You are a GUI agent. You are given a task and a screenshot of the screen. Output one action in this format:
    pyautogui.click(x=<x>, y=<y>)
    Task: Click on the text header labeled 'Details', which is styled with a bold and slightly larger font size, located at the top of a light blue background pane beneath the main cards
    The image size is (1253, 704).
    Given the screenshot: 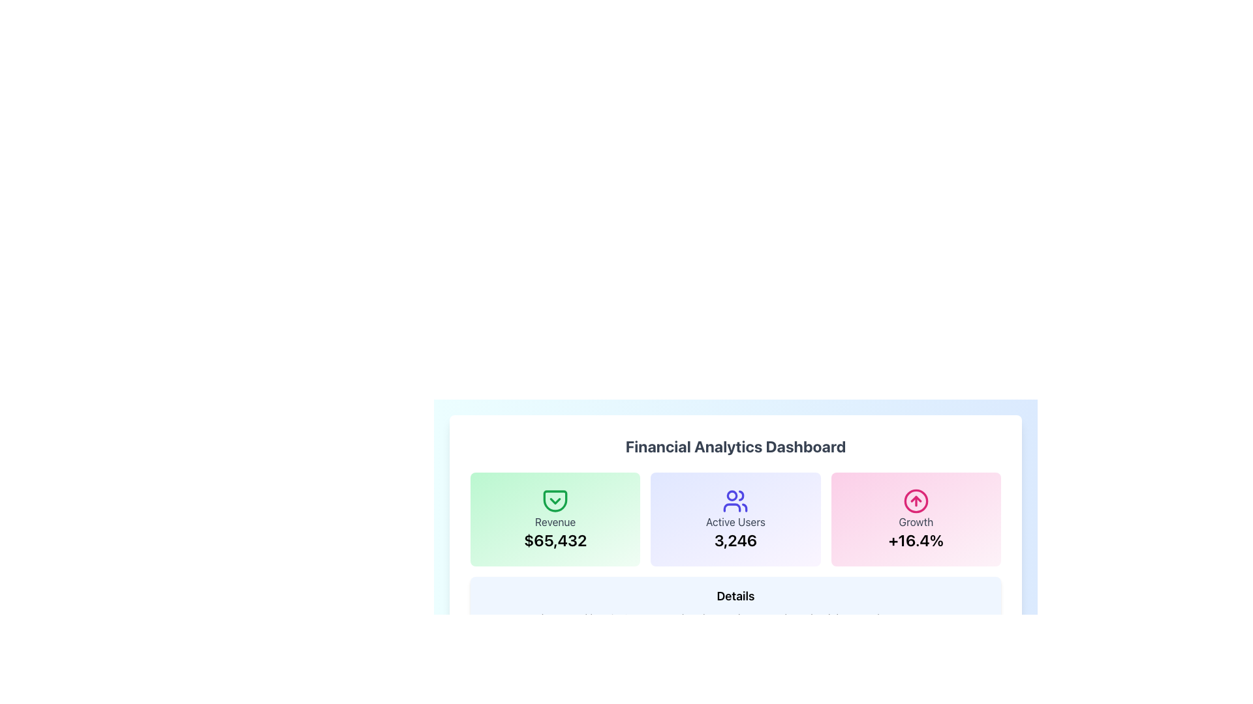 What is the action you would take?
    pyautogui.click(x=735, y=596)
    